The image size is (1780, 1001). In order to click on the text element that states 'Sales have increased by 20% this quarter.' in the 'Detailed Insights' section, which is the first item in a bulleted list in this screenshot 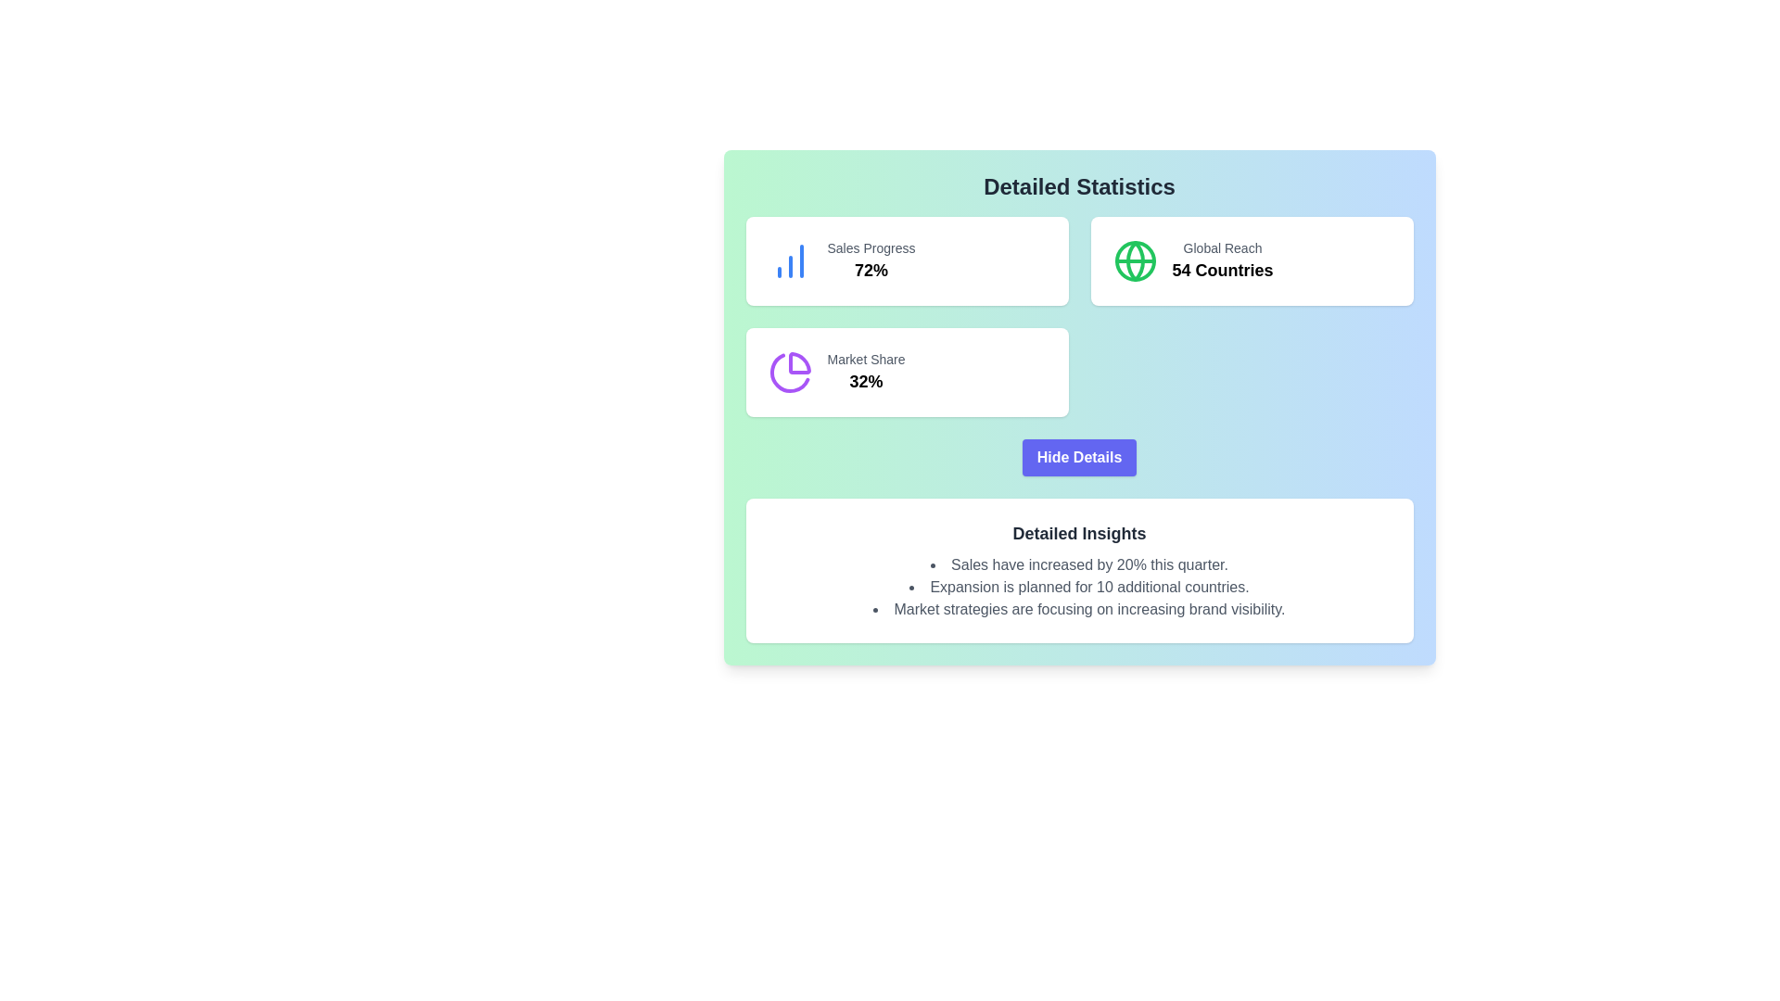, I will do `click(1079, 564)`.